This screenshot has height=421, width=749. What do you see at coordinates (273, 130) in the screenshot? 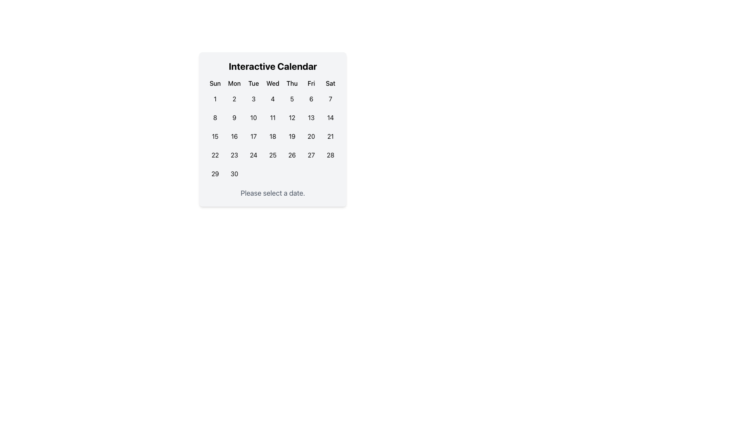
I see `a date cell in the interactive calendar grid located beneath the title 'Interactive Calendar'` at bounding box center [273, 130].